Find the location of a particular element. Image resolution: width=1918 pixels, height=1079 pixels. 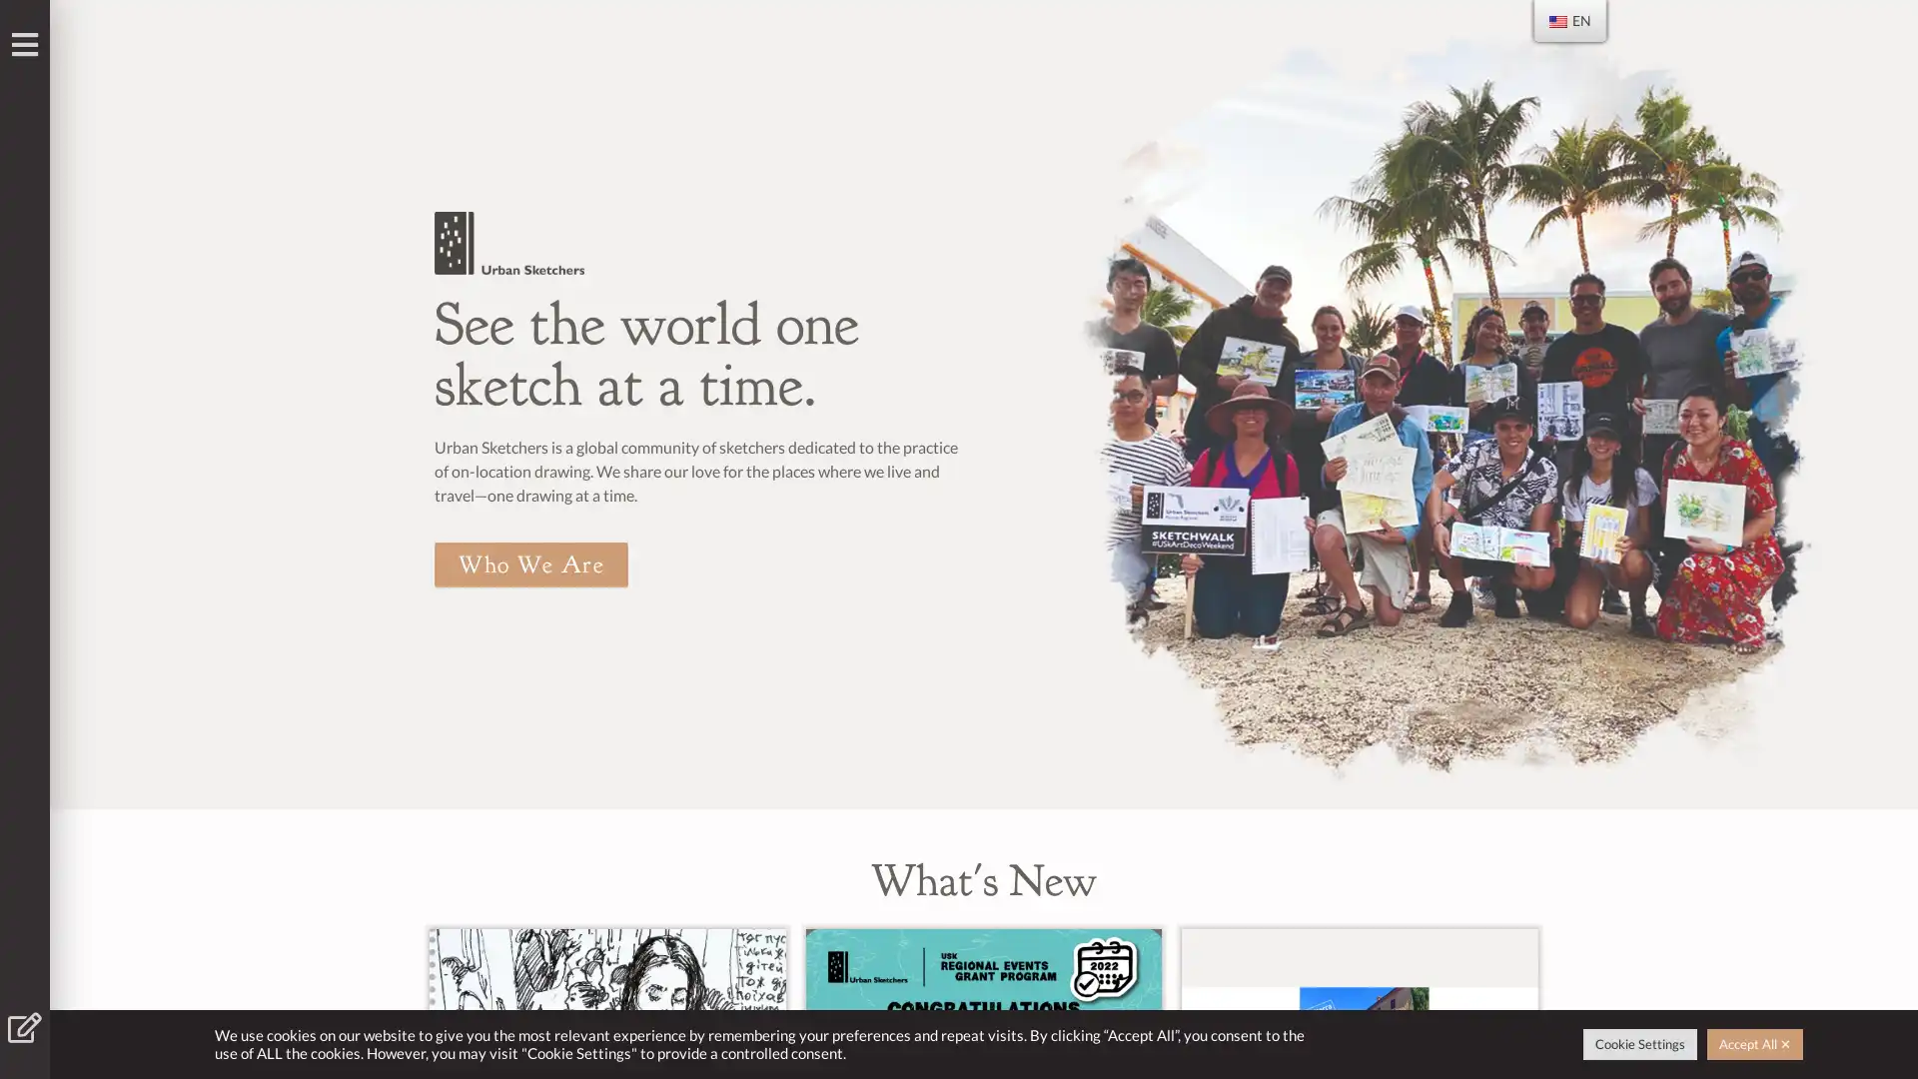

Go to slide 1 is located at coordinates (1441, 766).